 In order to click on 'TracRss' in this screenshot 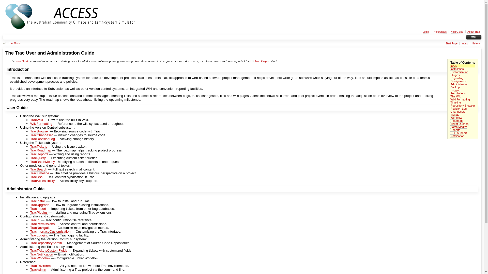, I will do `click(30, 177)`.